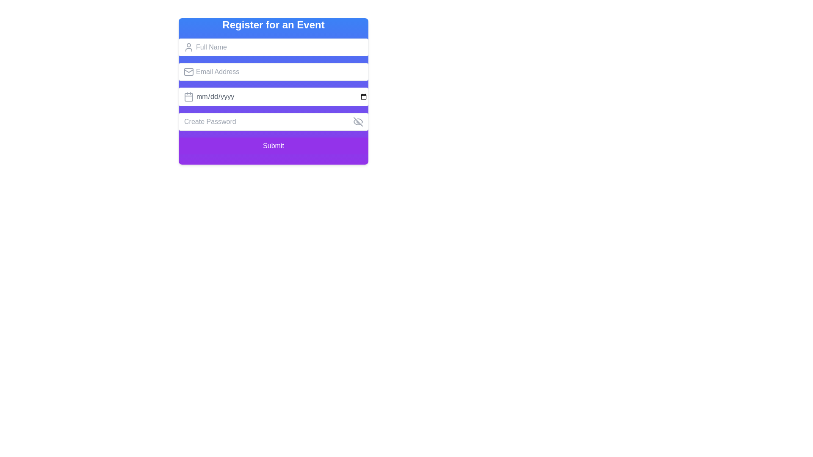 The image size is (813, 457). I want to click on the Password visibility toggle button, which features an eye icon with a diagonal line crossing through it, located on the right side of the password input field, so click(358, 122).